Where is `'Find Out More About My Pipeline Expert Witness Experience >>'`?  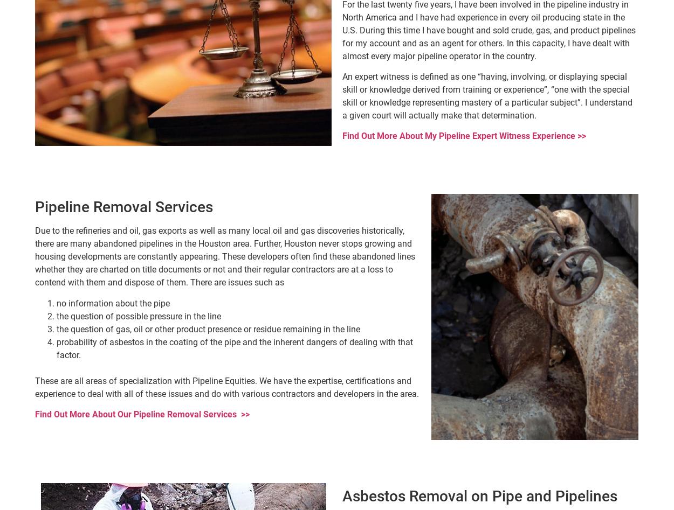 'Find Out More About My Pipeline Expert Witness Experience >>' is located at coordinates (464, 136).